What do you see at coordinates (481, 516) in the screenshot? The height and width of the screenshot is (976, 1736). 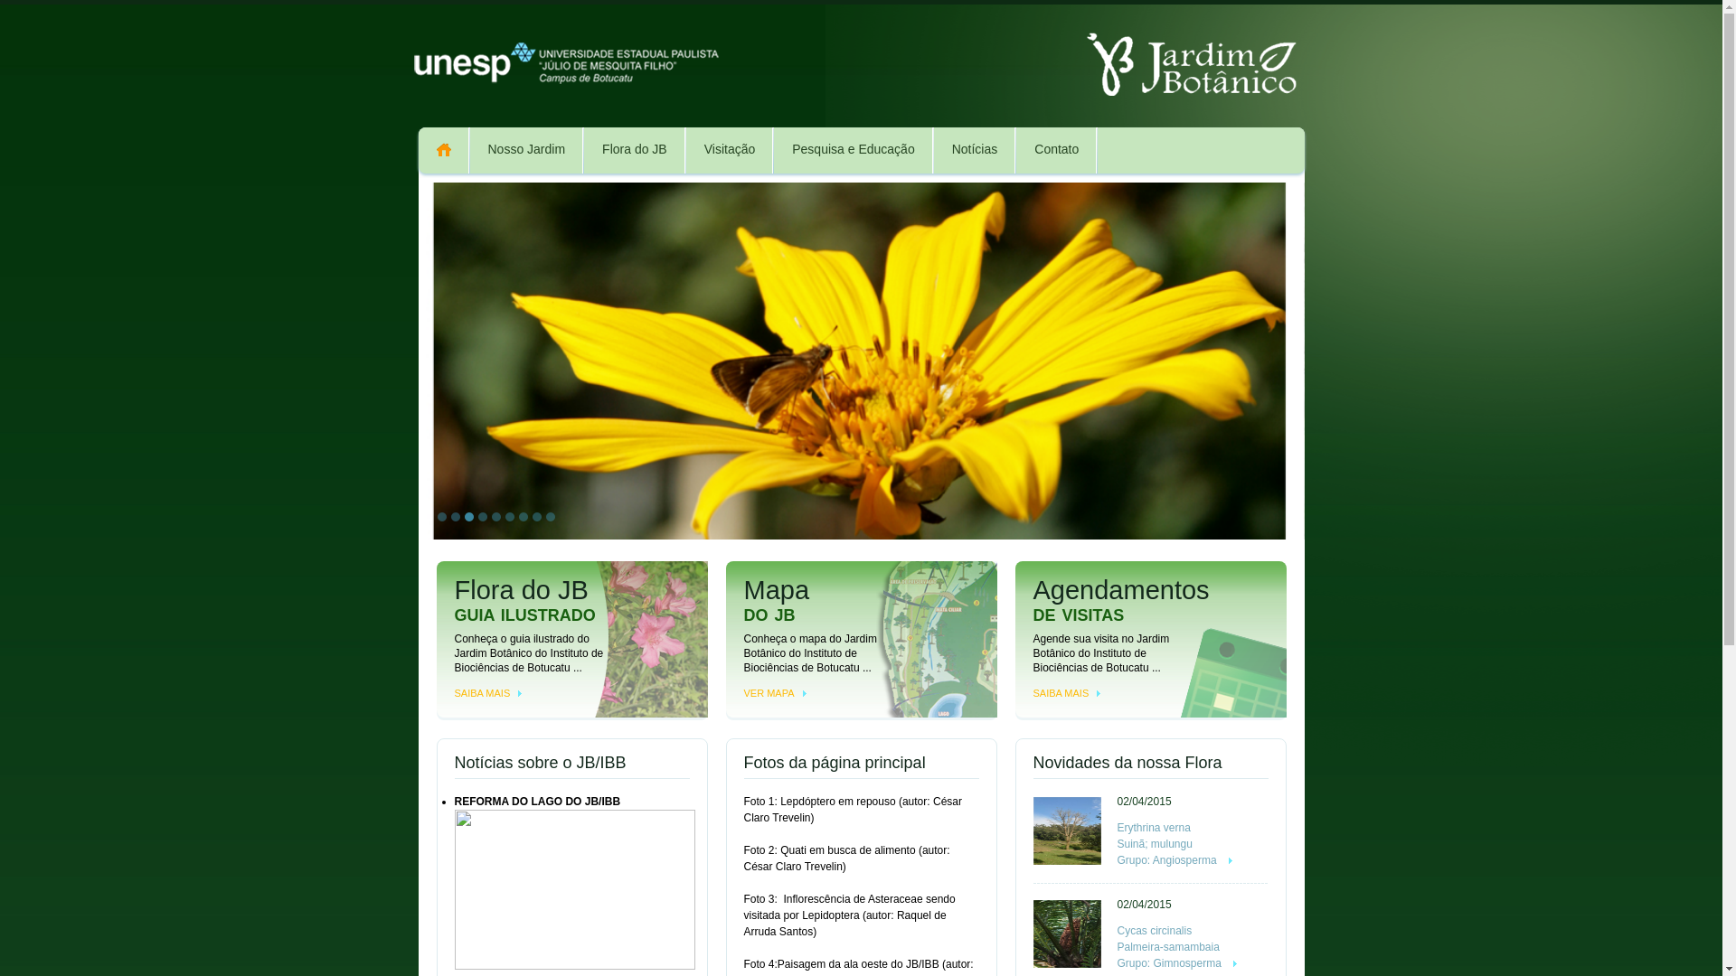 I see `'4'` at bounding box center [481, 516].